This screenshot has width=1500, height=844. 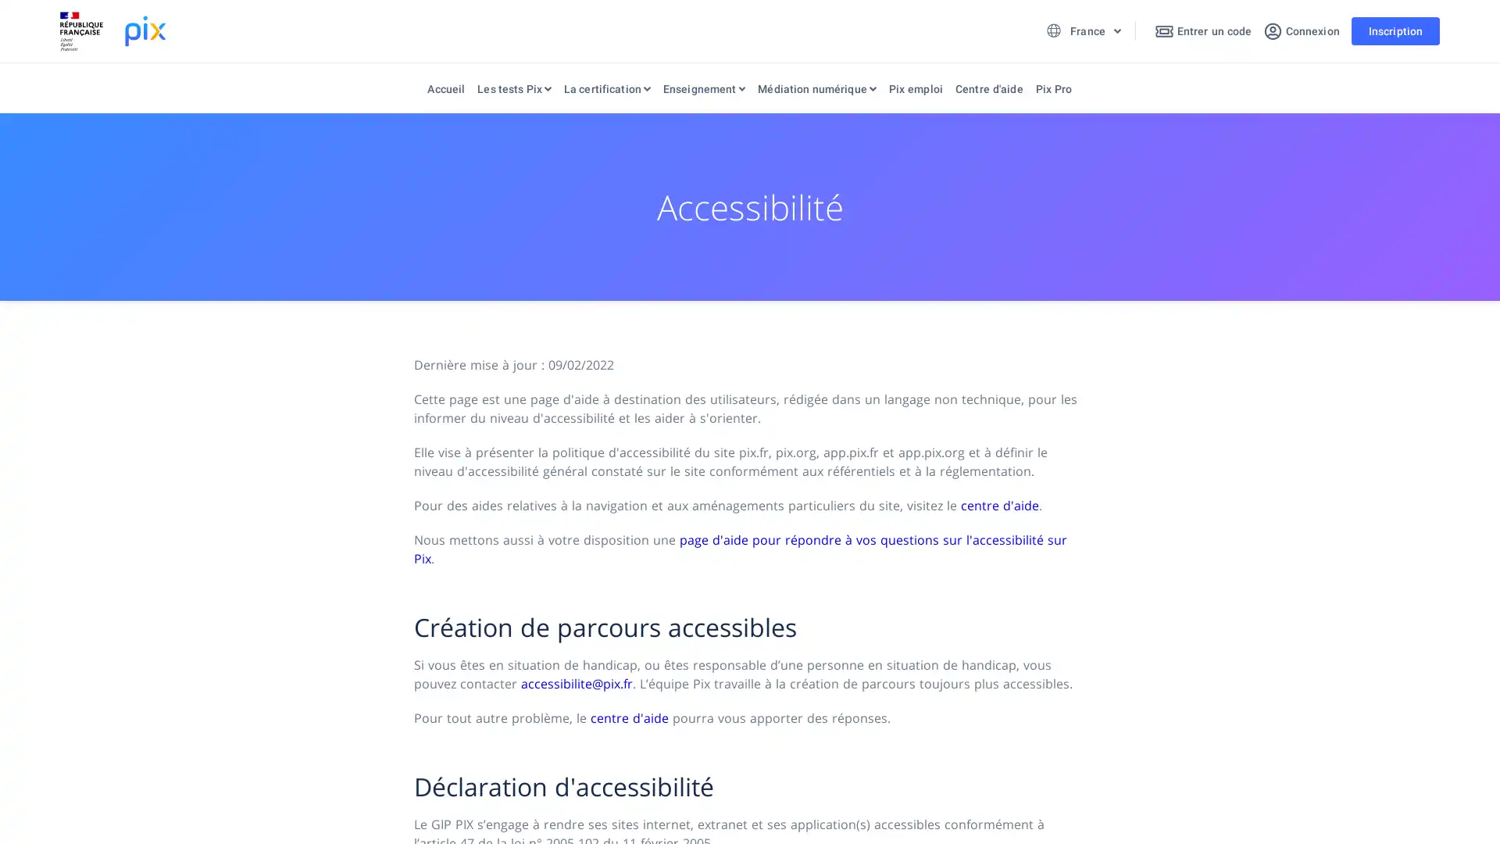 I want to click on Enseignement, so click(x=703, y=92).